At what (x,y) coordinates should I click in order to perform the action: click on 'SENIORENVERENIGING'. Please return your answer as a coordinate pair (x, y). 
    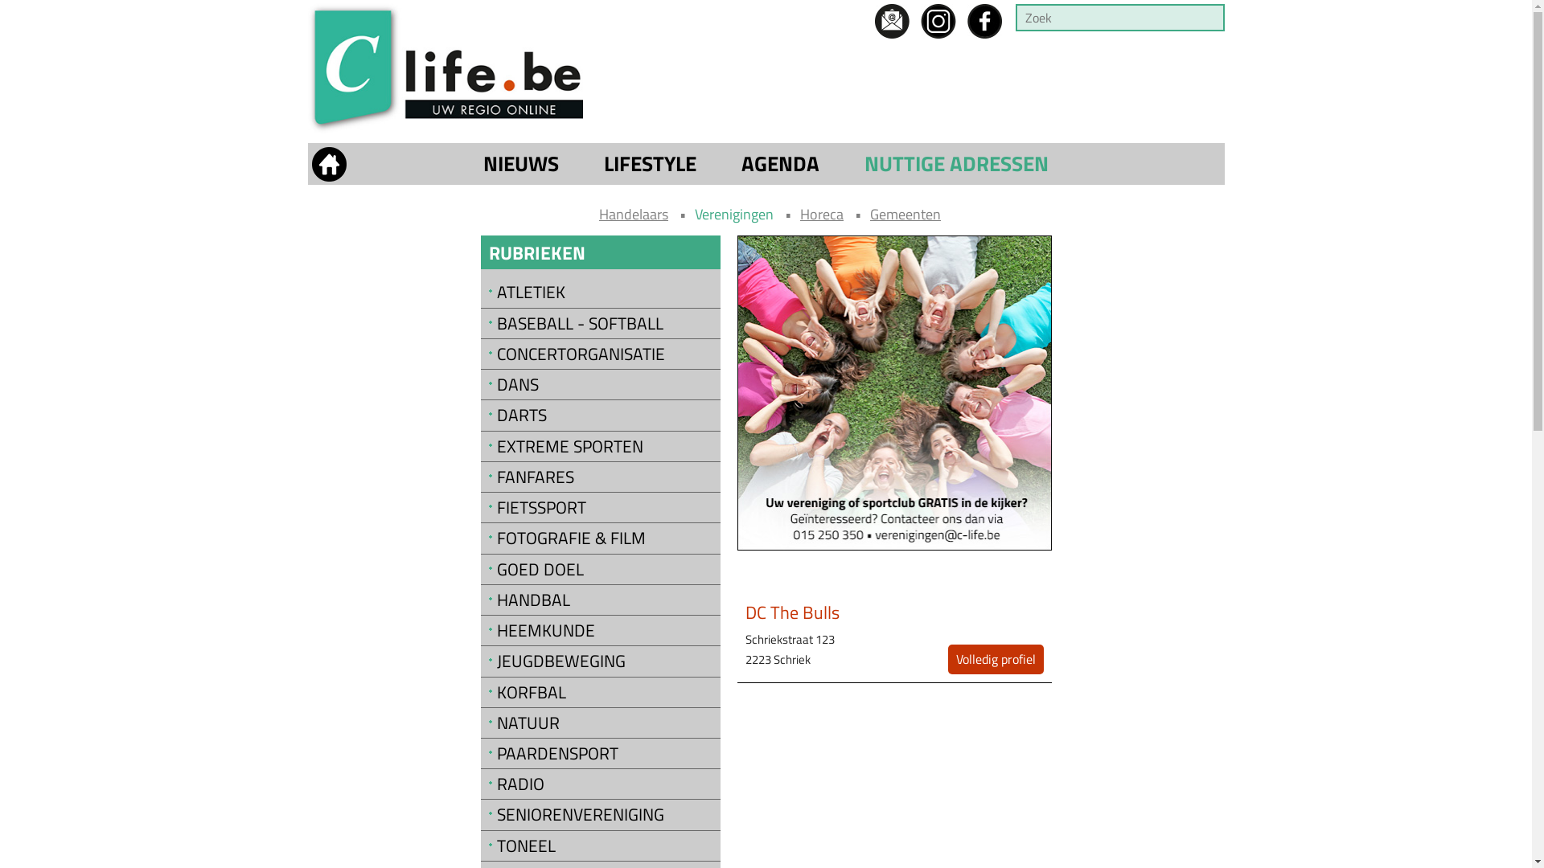
    Looking at the image, I should click on (488, 814).